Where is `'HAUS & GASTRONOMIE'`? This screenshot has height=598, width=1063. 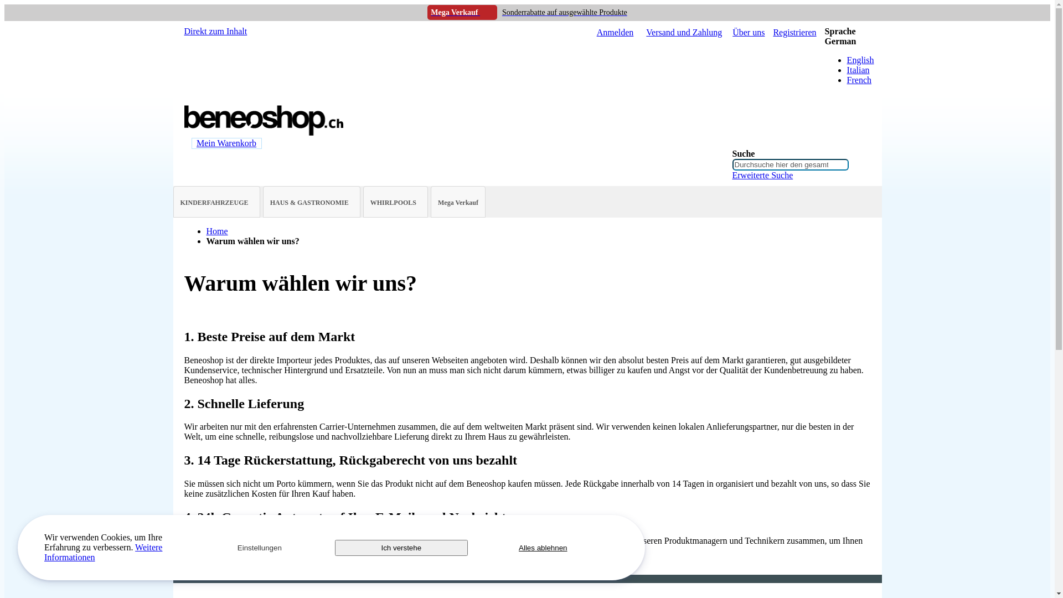 'HAUS & GASTRONOMIE' is located at coordinates (311, 203).